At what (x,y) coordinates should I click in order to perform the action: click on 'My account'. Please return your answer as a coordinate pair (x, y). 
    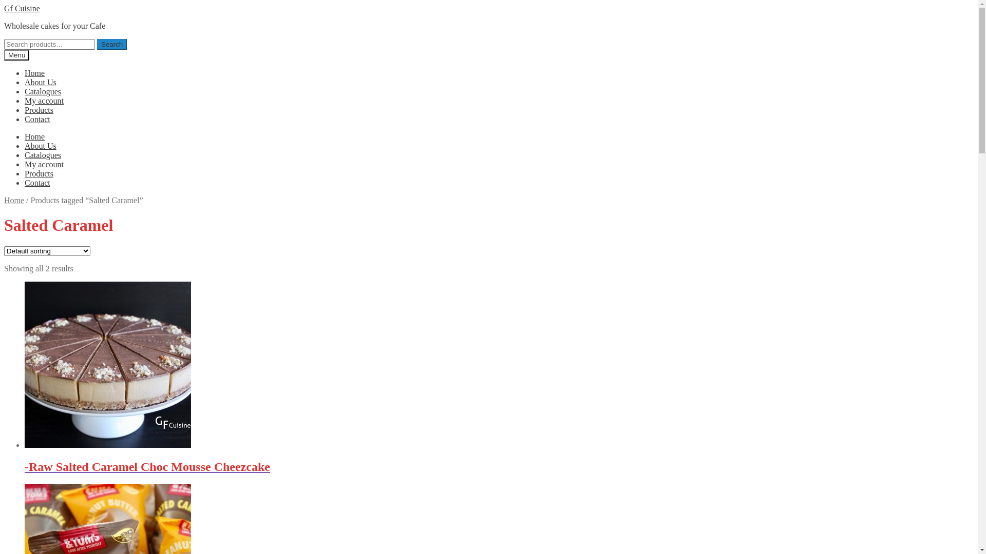
    Looking at the image, I should click on (44, 101).